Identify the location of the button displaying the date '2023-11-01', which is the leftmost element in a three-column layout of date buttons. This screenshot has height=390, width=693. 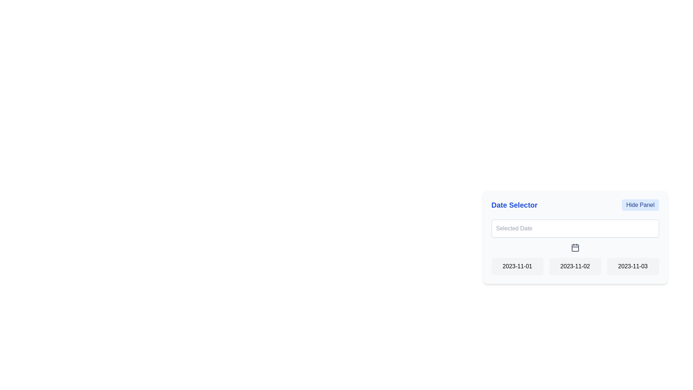
(517, 266).